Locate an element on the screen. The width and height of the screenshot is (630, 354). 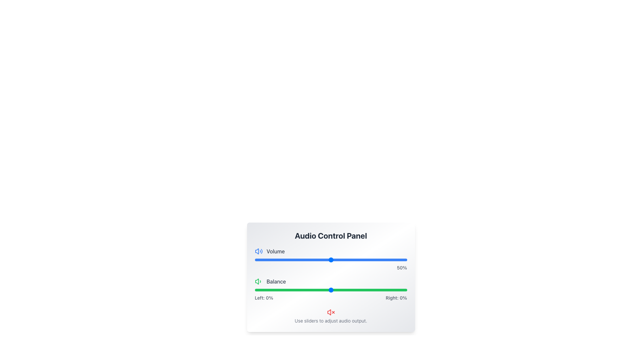
the range slider input, which is located under the 'Balance' label and between the 'Left: 0%' and 'Right: 0%' texts is located at coordinates (331, 289).